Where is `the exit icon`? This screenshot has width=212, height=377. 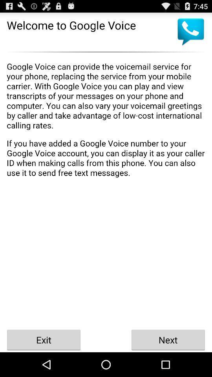 the exit icon is located at coordinates (44, 339).